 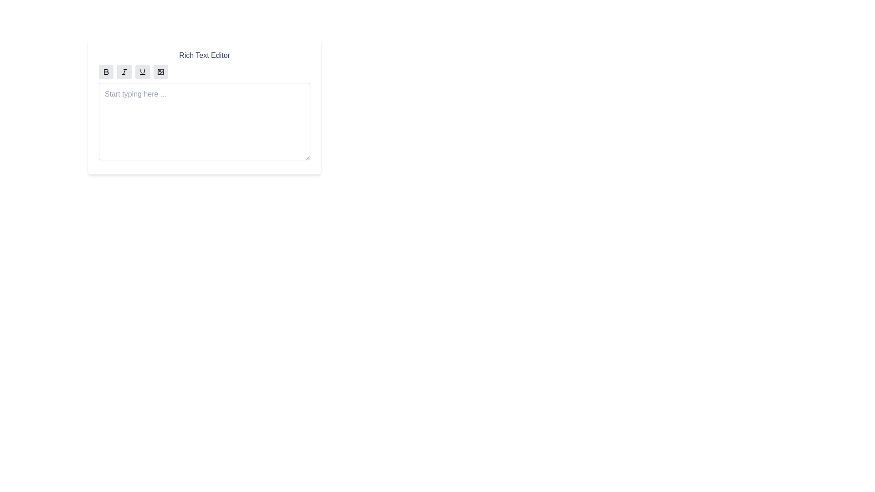 What do you see at coordinates (124, 72) in the screenshot?
I see `the button with a gray background and an italicized 'I' icon located in the formatting toolbar above the text editor` at bounding box center [124, 72].